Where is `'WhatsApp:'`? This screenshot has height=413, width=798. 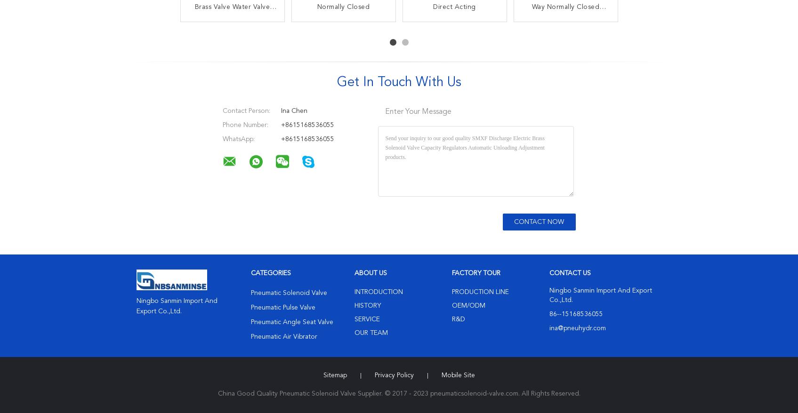 'WhatsApp:' is located at coordinates (222, 138).